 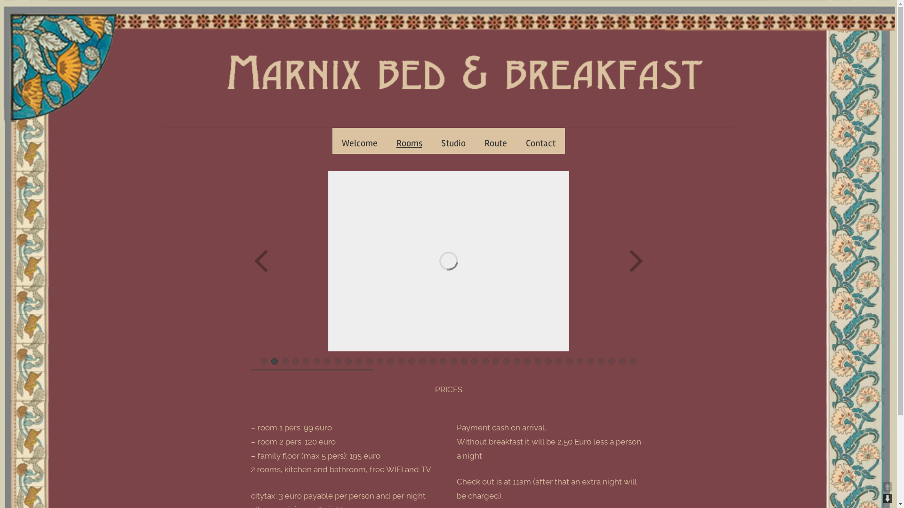 What do you see at coordinates (452, 143) in the screenshot?
I see `'Studio'` at bounding box center [452, 143].